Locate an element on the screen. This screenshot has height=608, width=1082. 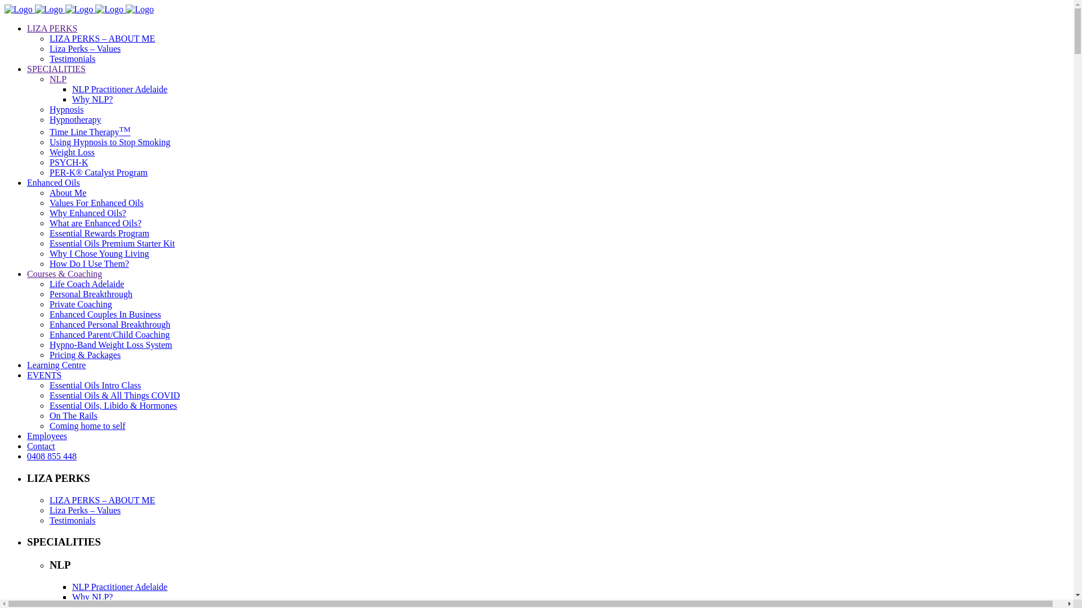
'Using Hypnosis to Stop Smoking' is located at coordinates (110, 141).